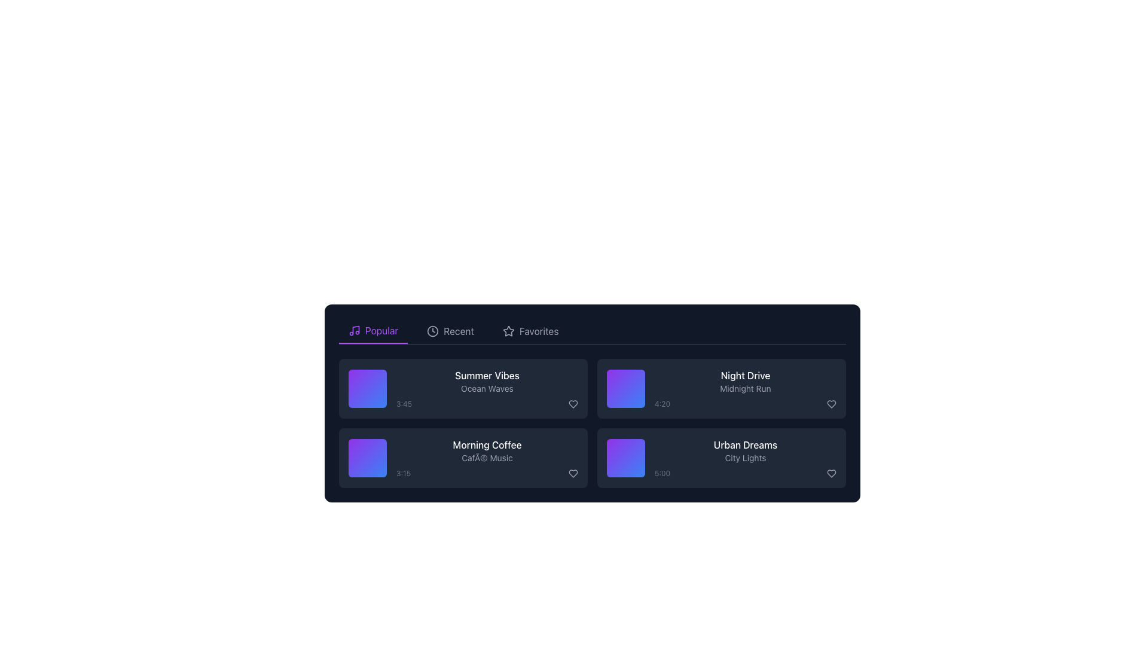  What do you see at coordinates (745, 458) in the screenshot?
I see `the subtitle text label located below 'Urban Dreams' and above '5:00' in the bottom-right card` at bounding box center [745, 458].